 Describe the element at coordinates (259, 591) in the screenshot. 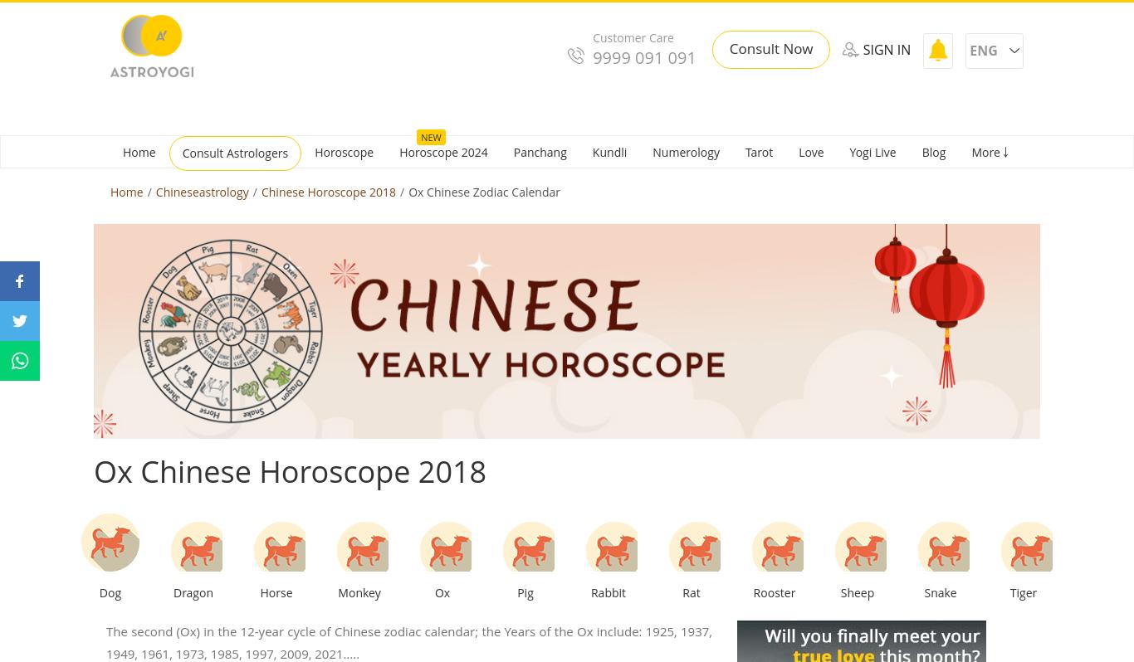

I see `'Horse'` at that location.